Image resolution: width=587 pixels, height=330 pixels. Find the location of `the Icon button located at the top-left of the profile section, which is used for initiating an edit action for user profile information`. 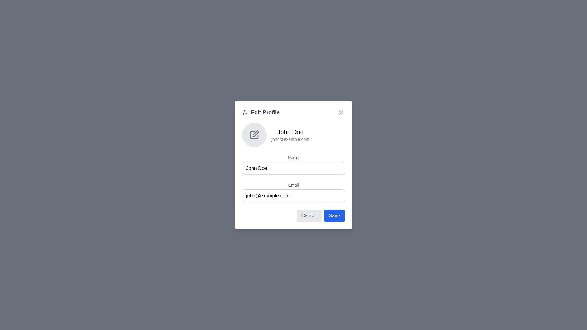

the Icon button located at the top-left of the profile section, which is used for initiating an edit action for user profile information is located at coordinates (254, 135).